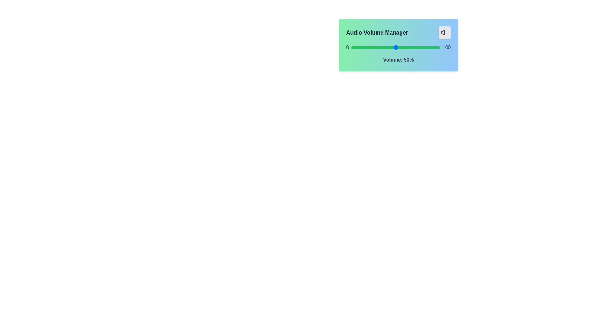  Describe the element at coordinates (430, 47) in the screenshot. I see `the audio volume` at that location.